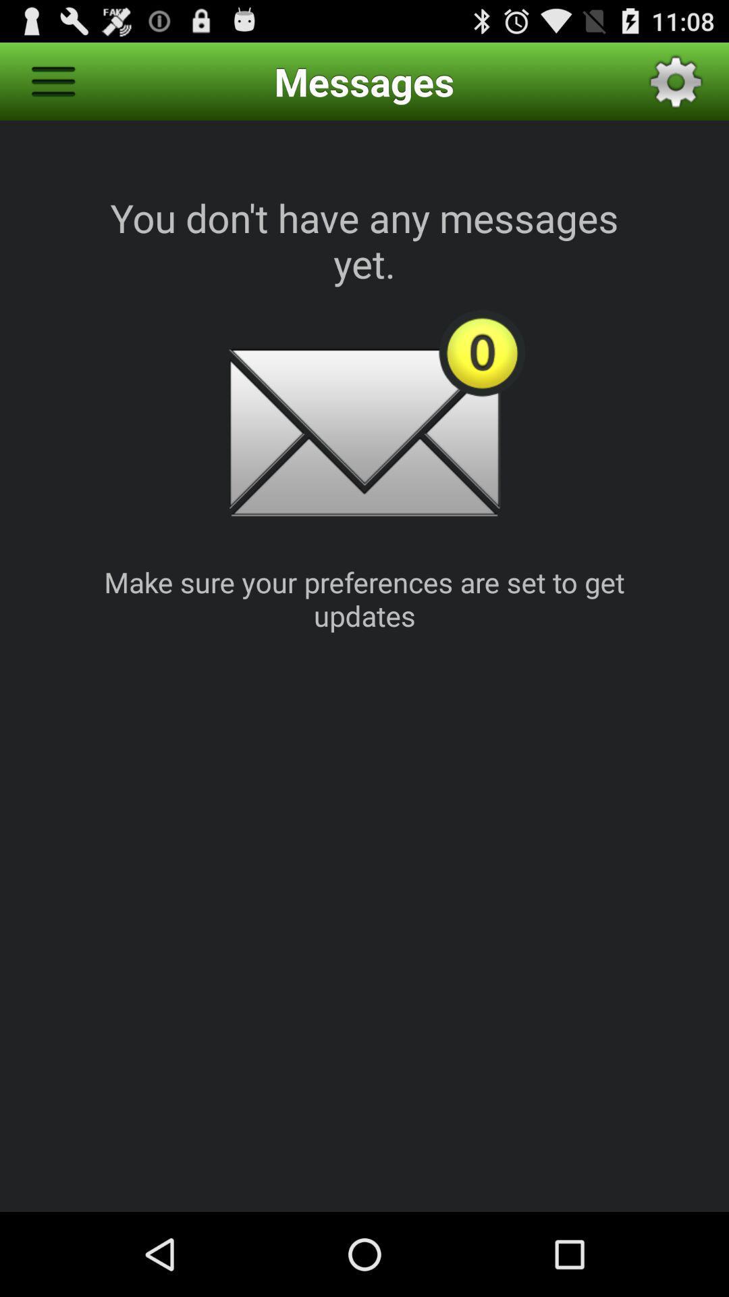 This screenshot has width=729, height=1297. I want to click on item above the you don t, so click(676, 80).